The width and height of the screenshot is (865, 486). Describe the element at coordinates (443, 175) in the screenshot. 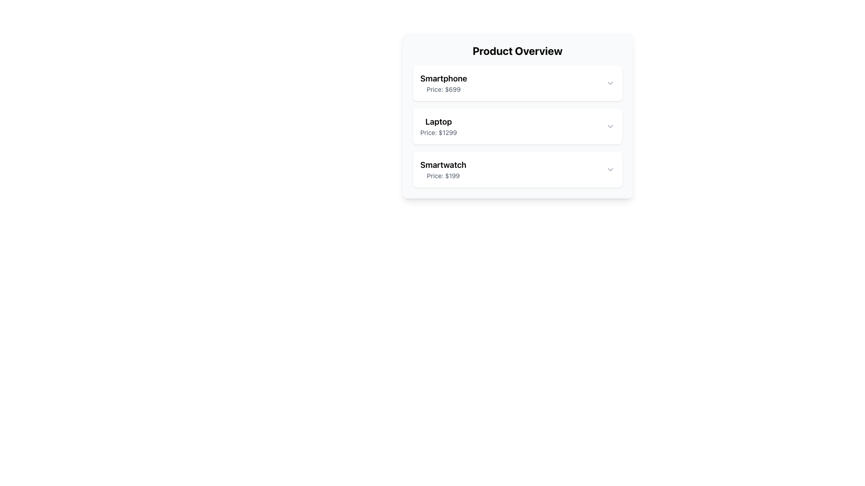

I see `the price label for the 'Smartwatch' product, which is located below the 'Smartwatch' header in the product overview panel` at that location.